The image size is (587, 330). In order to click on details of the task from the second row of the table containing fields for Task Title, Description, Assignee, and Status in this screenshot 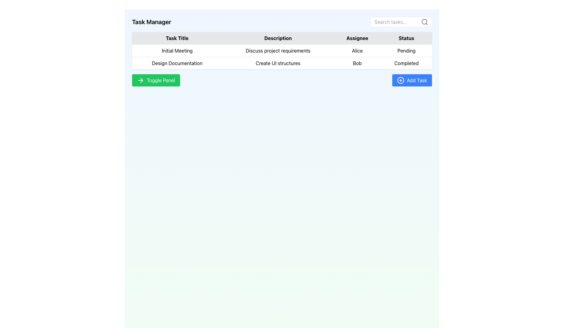, I will do `click(282, 57)`.